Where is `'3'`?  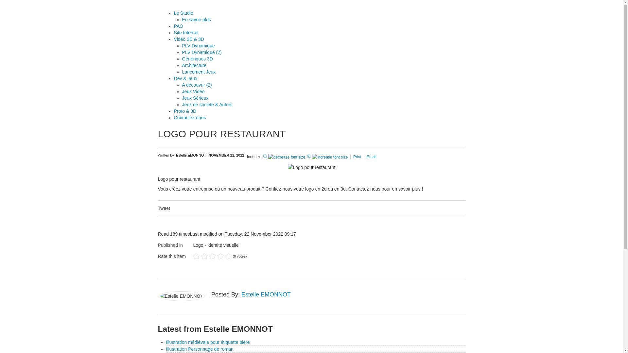
'3' is located at coordinates (203, 256).